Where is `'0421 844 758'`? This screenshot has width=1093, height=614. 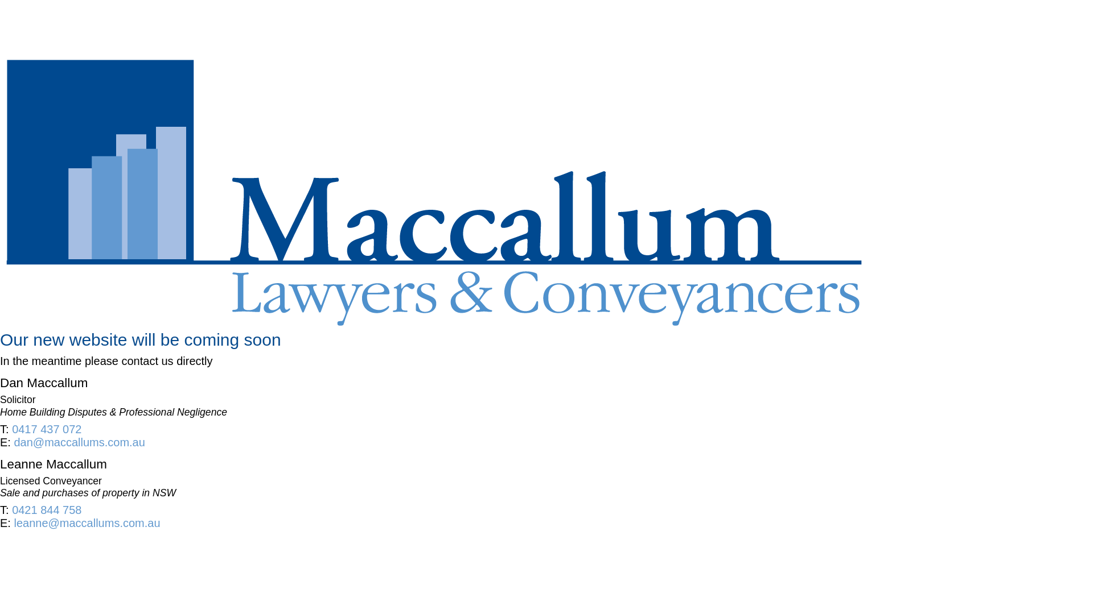 '0421 844 758' is located at coordinates (46, 509).